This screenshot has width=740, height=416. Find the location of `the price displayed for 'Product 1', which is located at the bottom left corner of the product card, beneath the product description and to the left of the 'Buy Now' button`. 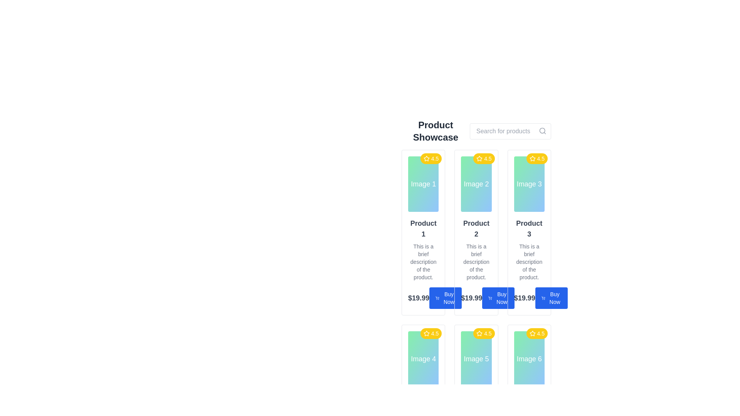

the price displayed for 'Product 1', which is located at the bottom left corner of the product card, beneath the product description and to the left of the 'Buy Now' button is located at coordinates (418, 298).